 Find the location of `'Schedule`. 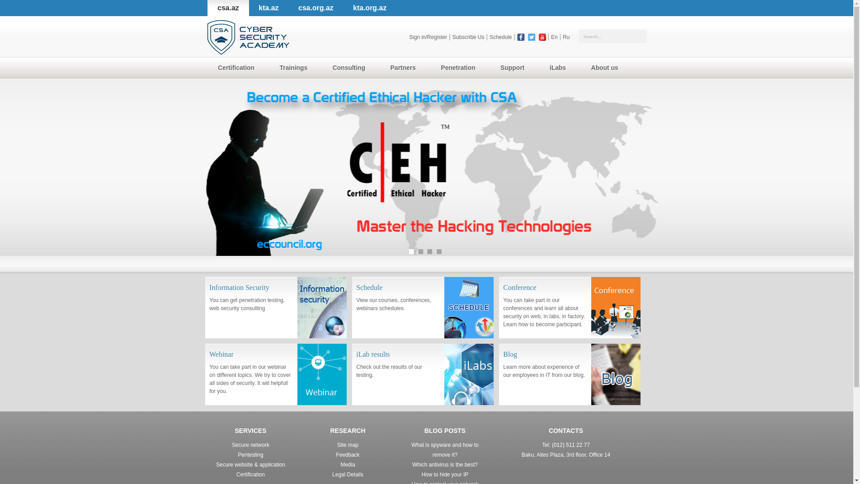

'Schedule is located at coordinates (352, 307).